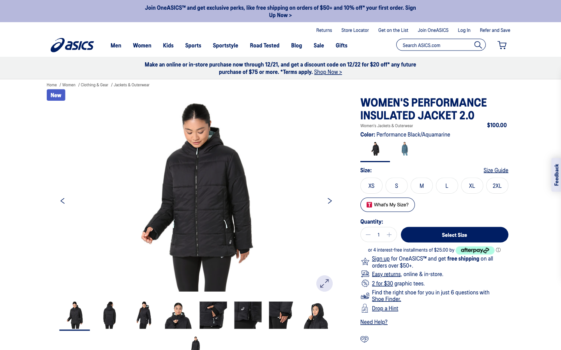 Image resolution: width=561 pixels, height=350 pixels. I want to click on View color in aquamarine, choose Medium size, move to following images, so click(404, 150).